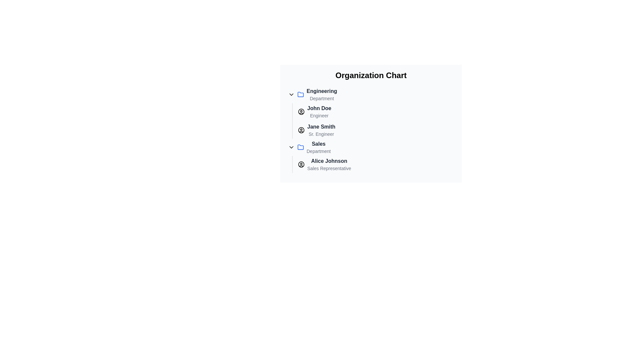 The image size is (633, 356). Describe the element at coordinates (329, 168) in the screenshot. I see `the text label that describes the role of 'Alice Johnson' in the 'Sales' department within the organizational chart` at that location.